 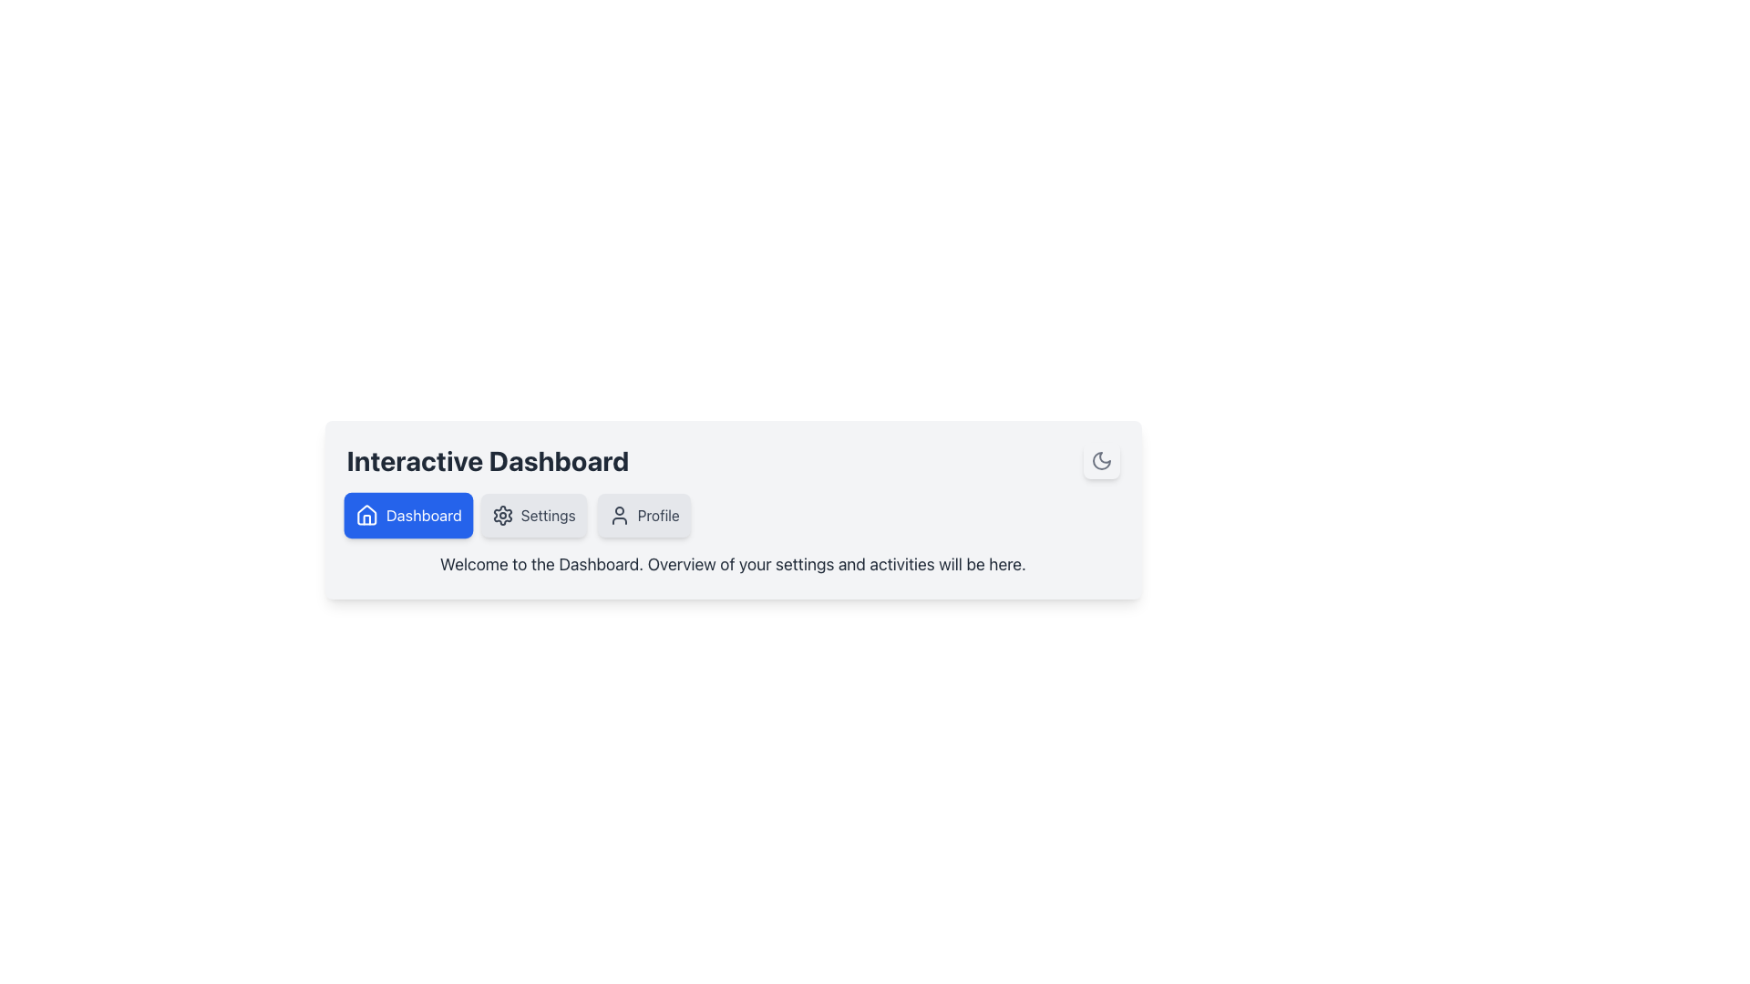 I want to click on the SVG icon representing a house located inside the 'Dashboard' button, positioned on the leftmost side of a row of three buttons, so click(x=365, y=515).